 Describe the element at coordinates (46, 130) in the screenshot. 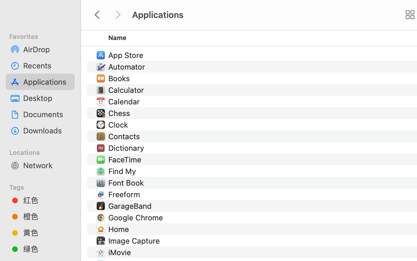

I see `'Downloads'` at that location.